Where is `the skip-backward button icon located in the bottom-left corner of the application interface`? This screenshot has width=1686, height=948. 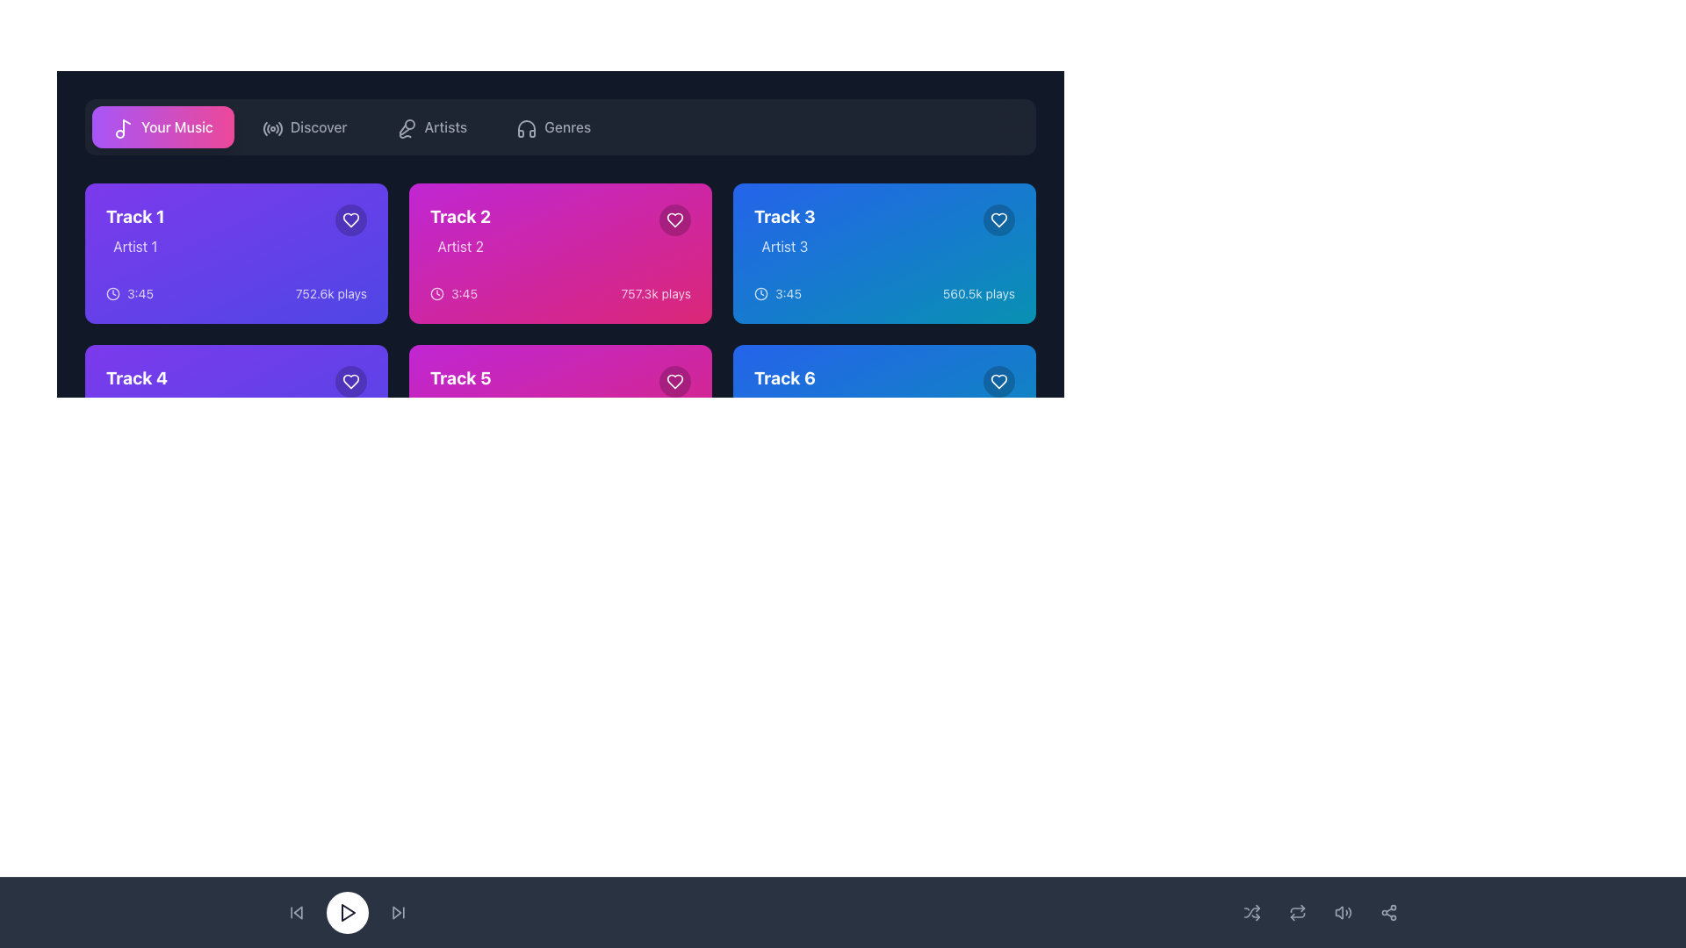 the skip-backward button icon located in the bottom-left corner of the application interface is located at coordinates (296, 912).